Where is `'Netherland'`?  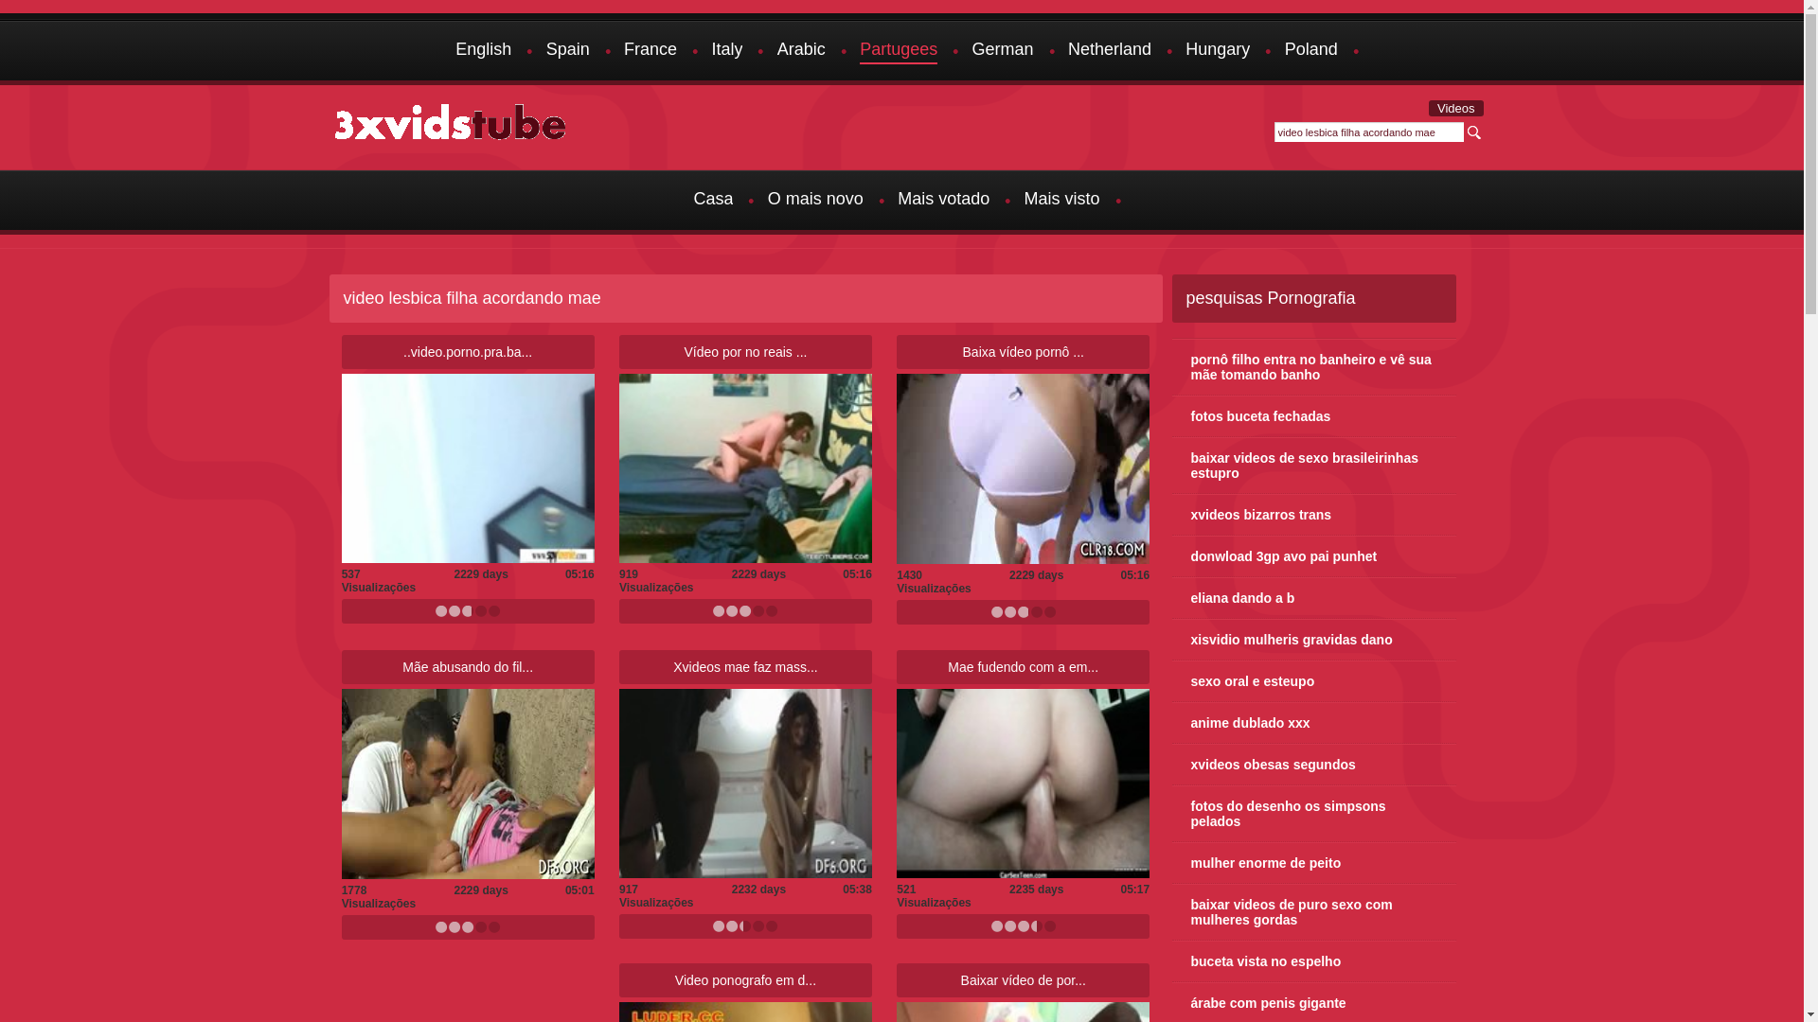 'Netherland' is located at coordinates (1109, 50).